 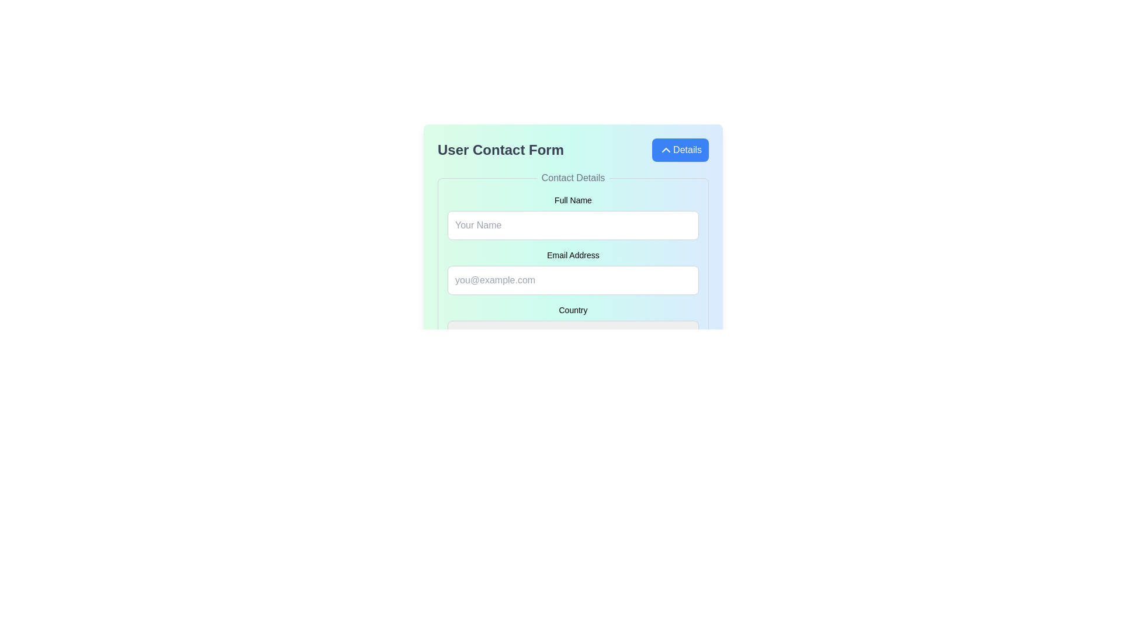 What do you see at coordinates (573, 200) in the screenshot?
I see `the 'Full Name' text label that is displayed in bold, smaller font above the input field in the contact form` at bounding box center [573, 200].